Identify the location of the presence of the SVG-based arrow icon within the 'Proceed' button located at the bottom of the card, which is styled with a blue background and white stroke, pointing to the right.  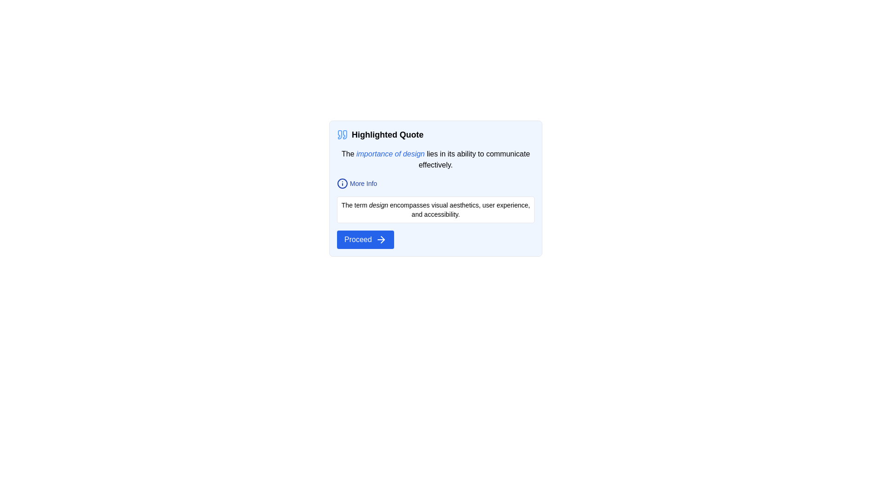
(381, 239).